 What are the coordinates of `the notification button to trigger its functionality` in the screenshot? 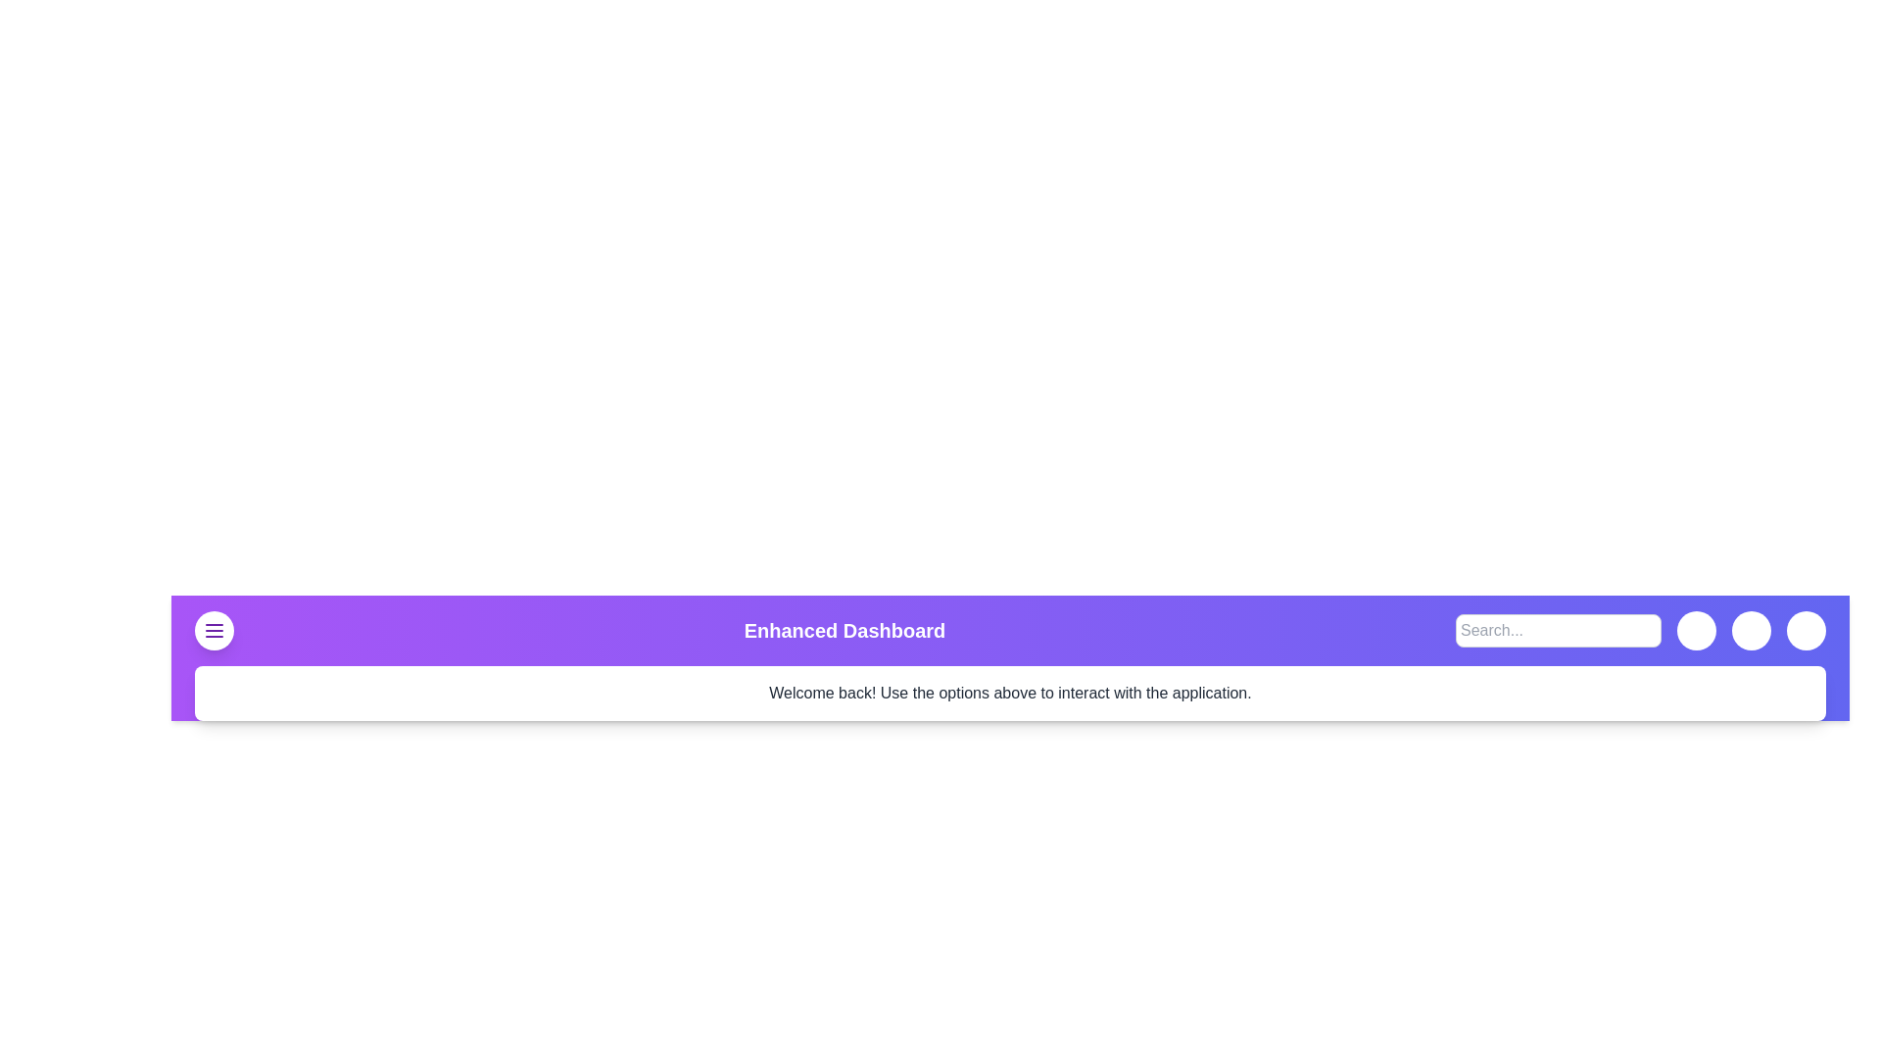 It's located at (1751, 631).